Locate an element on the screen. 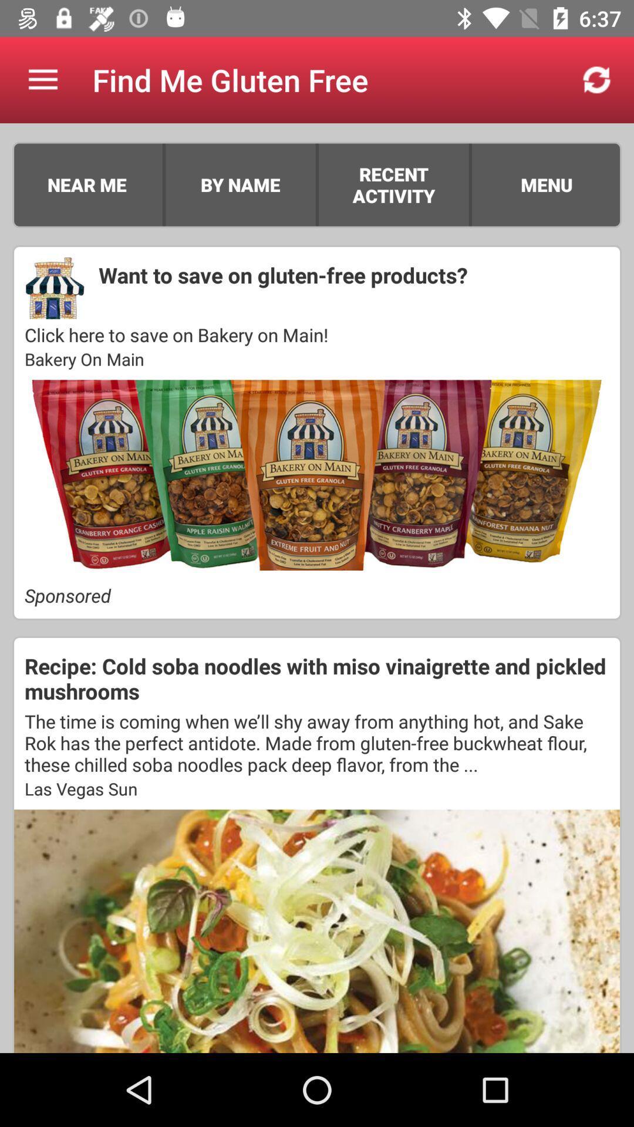  the las vegas sun item is located at coordinates (317, 788).